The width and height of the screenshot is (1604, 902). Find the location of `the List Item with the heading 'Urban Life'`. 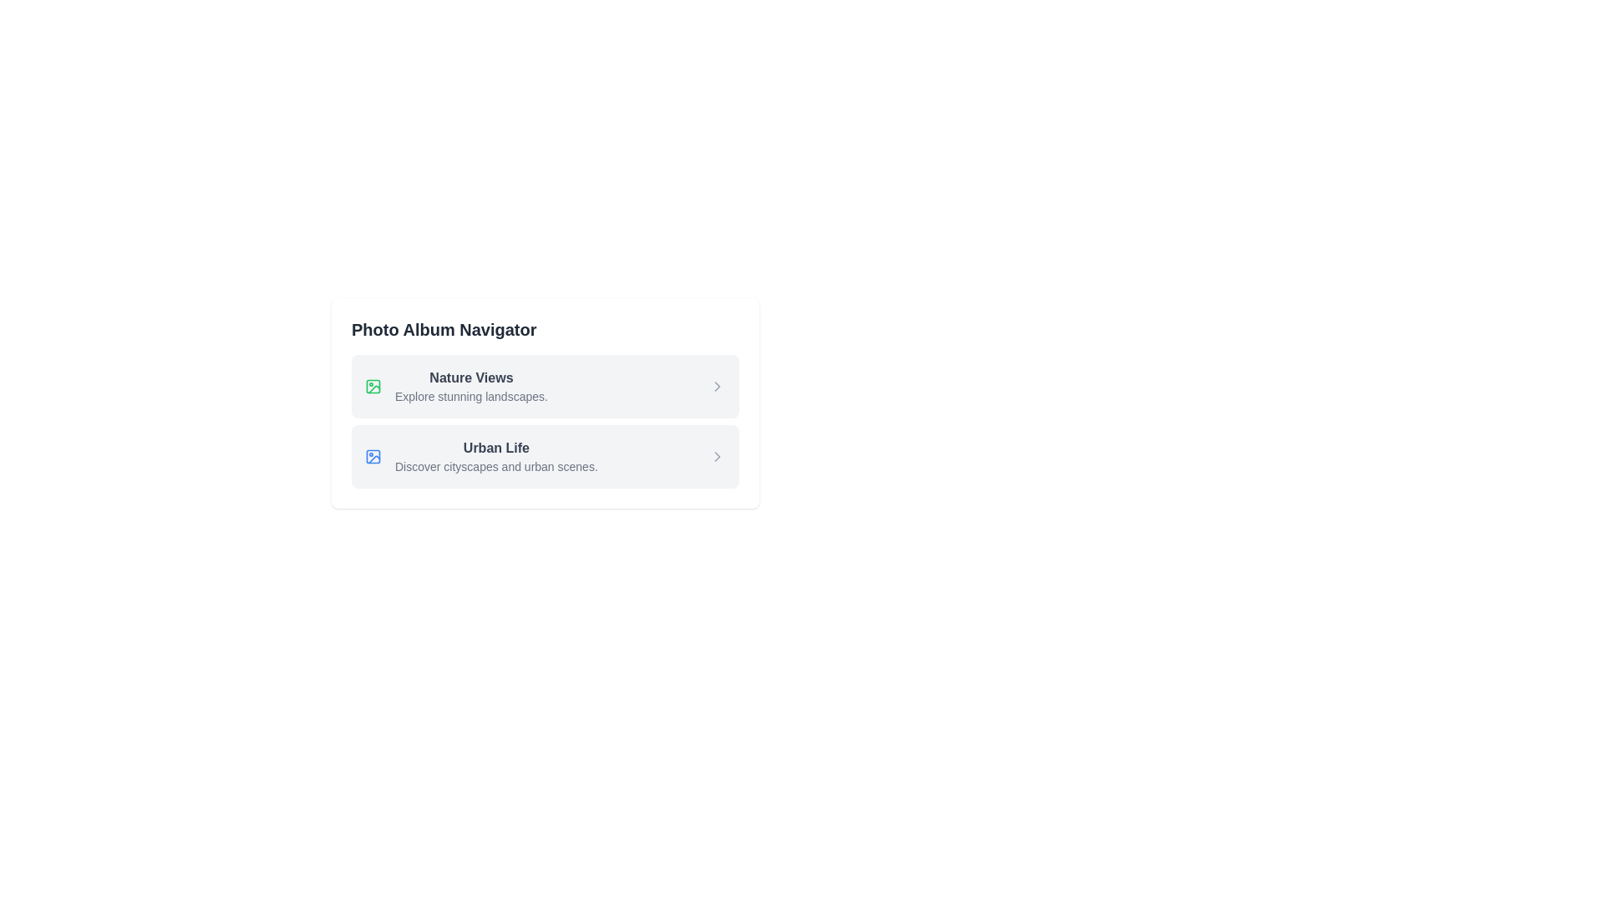

the List Item with the heading 'Urban Life' is located at coordinates (480, 457).